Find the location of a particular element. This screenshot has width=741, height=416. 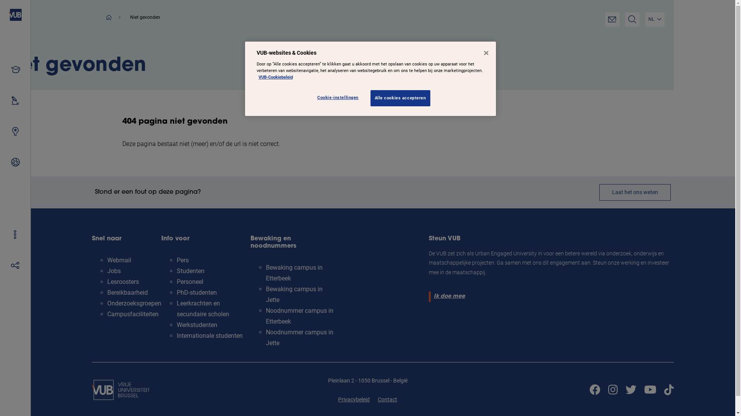

'Open de instagram pagina van VUB' is located at coordinates (612, 390).